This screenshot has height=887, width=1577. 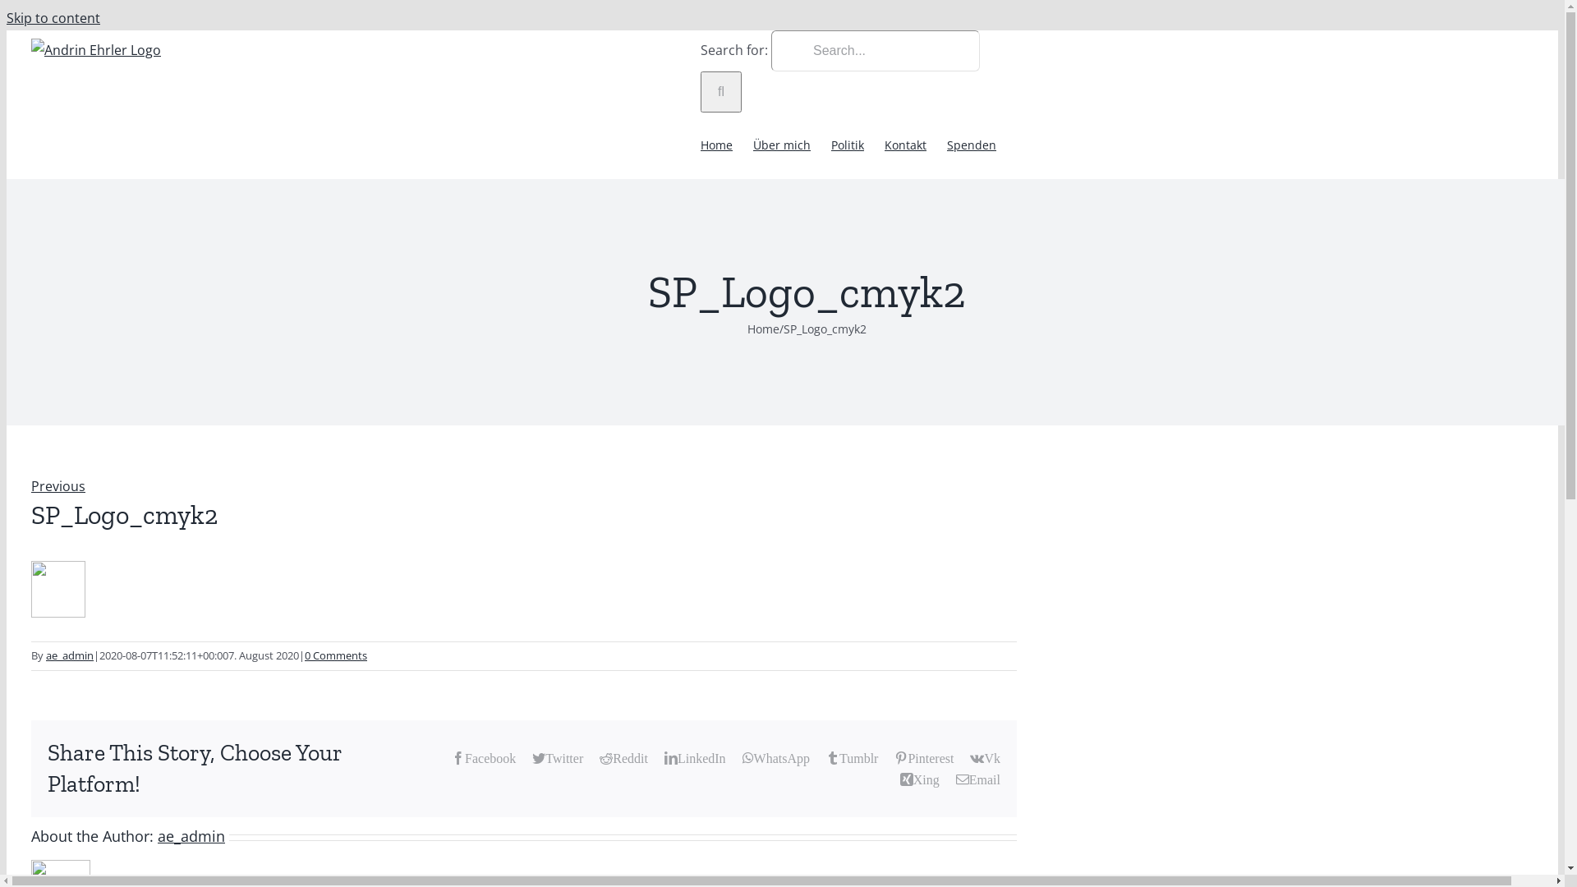 I want to click on 'Reddit', so click(x=623, y=757).